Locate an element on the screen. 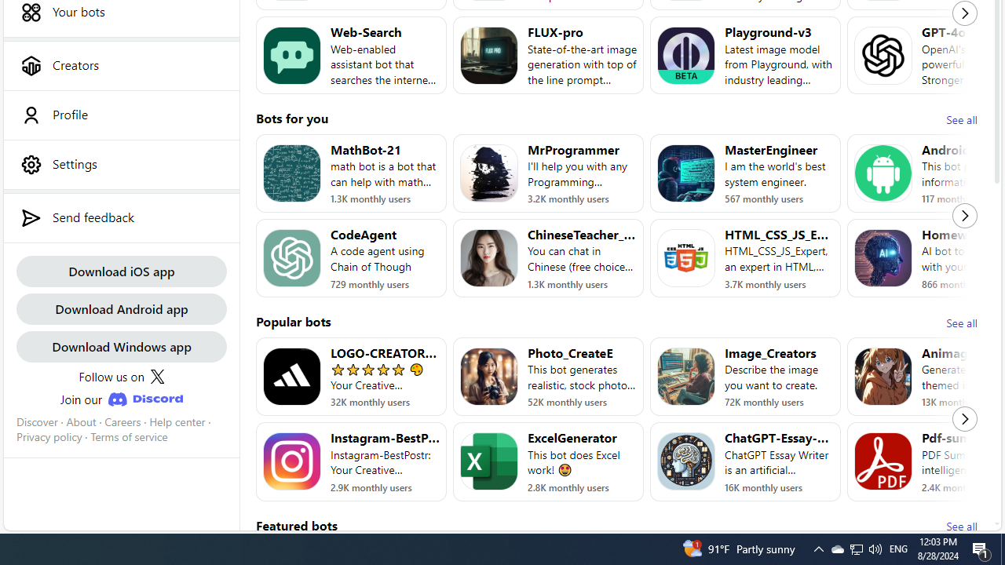 This screenshot has width=1005, height=565. 'Bot image for LOGO-CREATOR-AI' is located at coordinates (291, 377).